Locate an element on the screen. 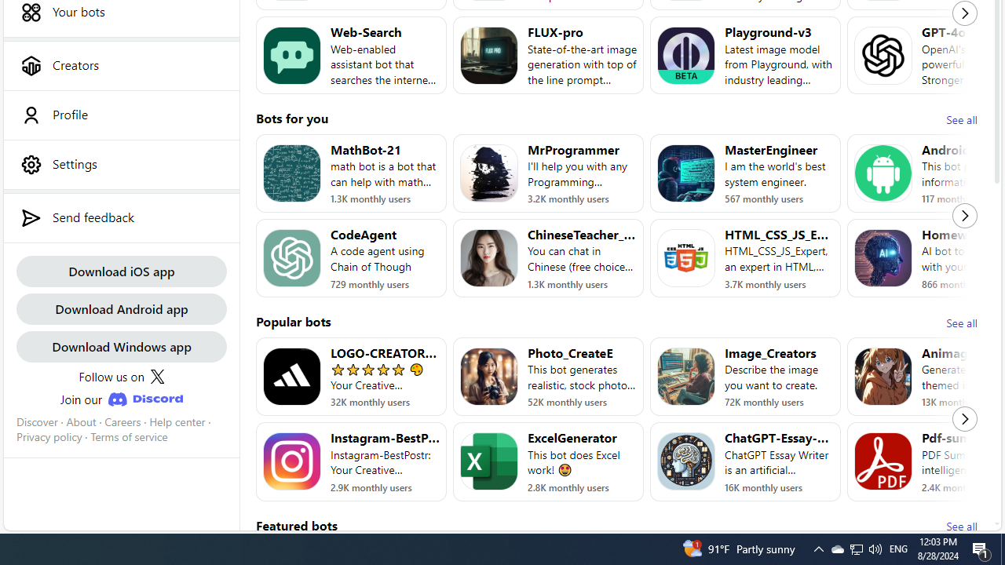 This screenshot has width=1005, height=565. 'Bot image for LOGO-CREATOR-AI' is located at coordinates (291, 377).